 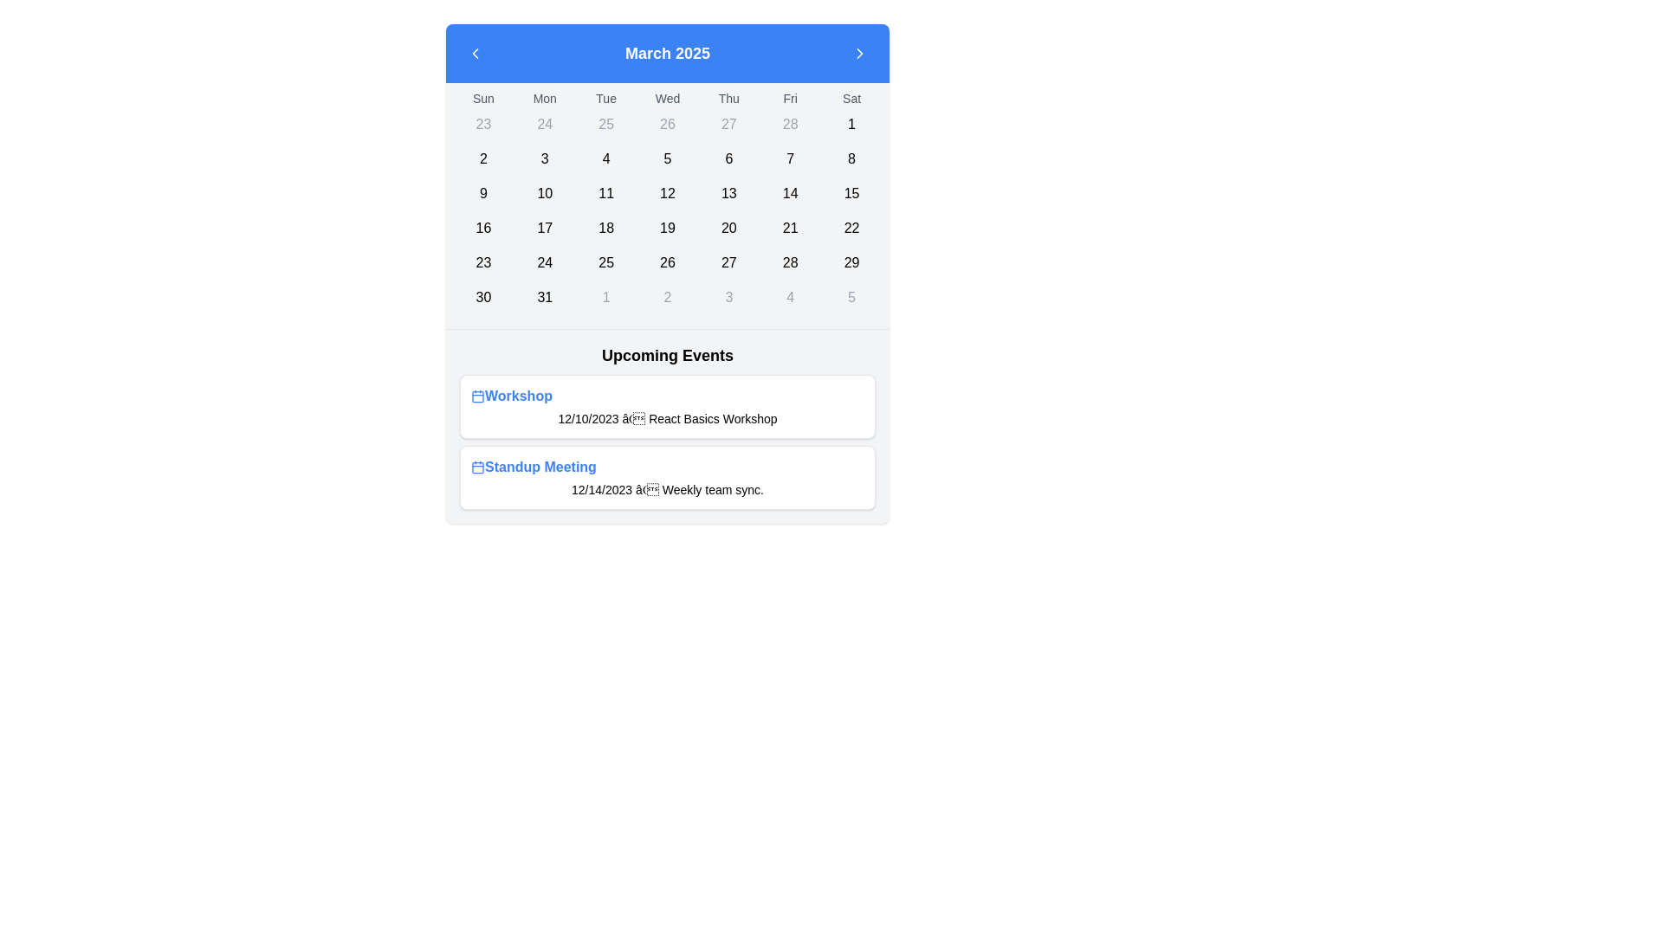 I want to click on the date '27', so click(x=728, y=263).